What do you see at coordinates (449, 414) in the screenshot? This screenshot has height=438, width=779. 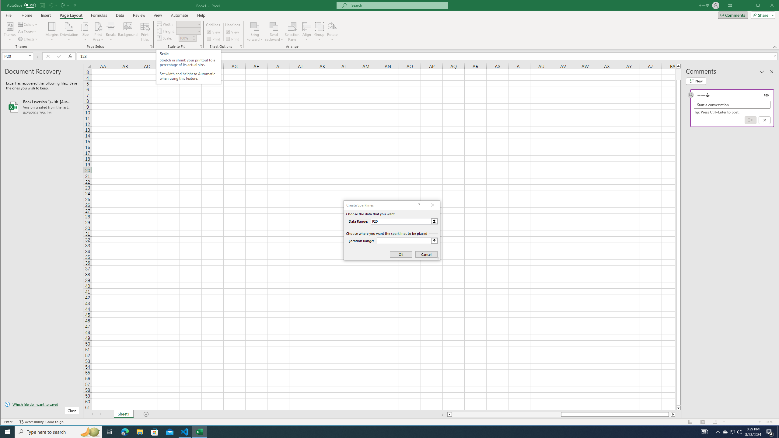 I see `'Column left'` at bounding box center [449, 414].